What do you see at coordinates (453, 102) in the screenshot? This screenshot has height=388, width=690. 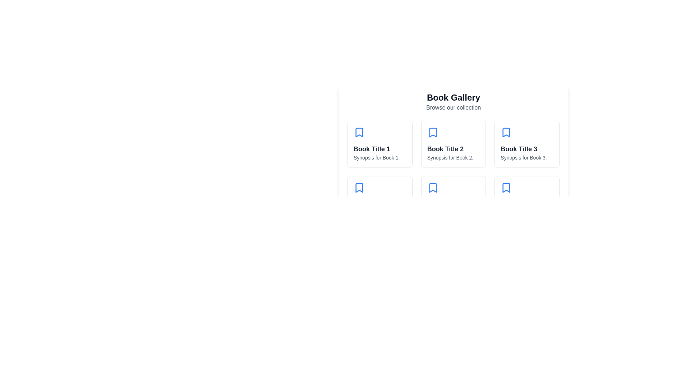 I see `the Header or Title Section that displays 'Book Gallery' and 'Browse our collection' at the top-center of the interface` at bounding box center [453, 102].